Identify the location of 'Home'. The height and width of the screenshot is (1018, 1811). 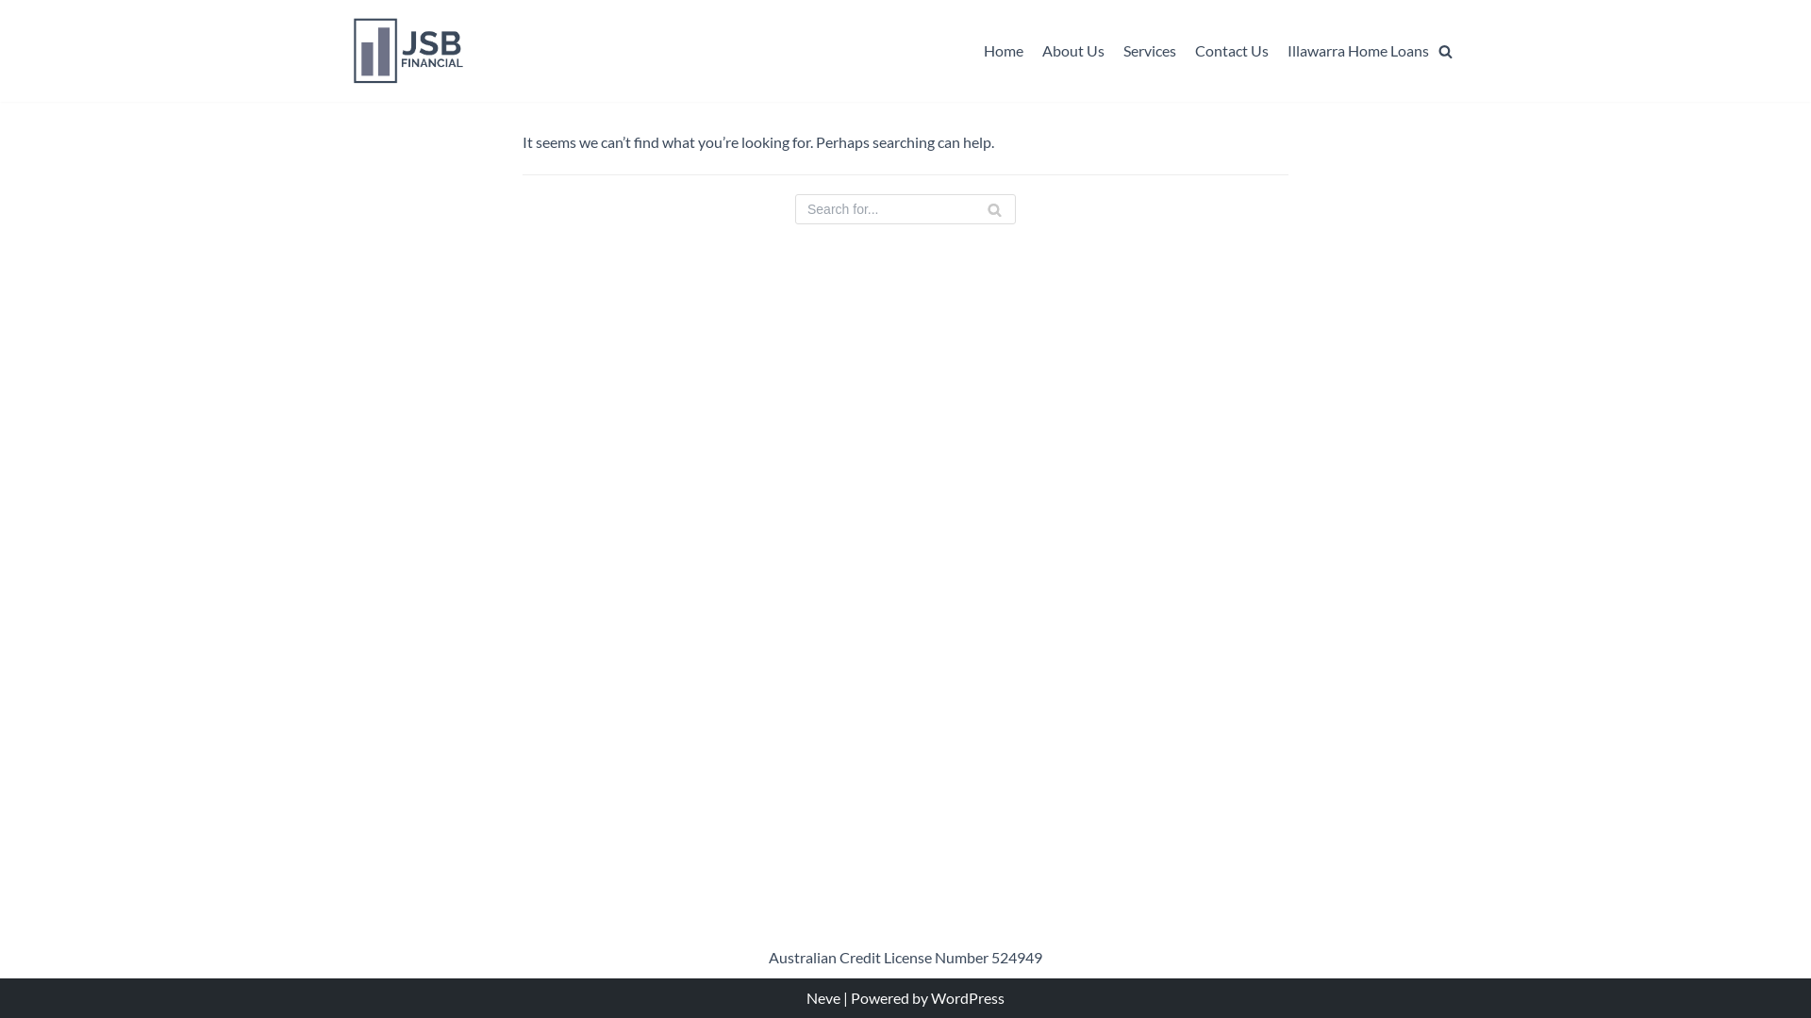
(982, 50).